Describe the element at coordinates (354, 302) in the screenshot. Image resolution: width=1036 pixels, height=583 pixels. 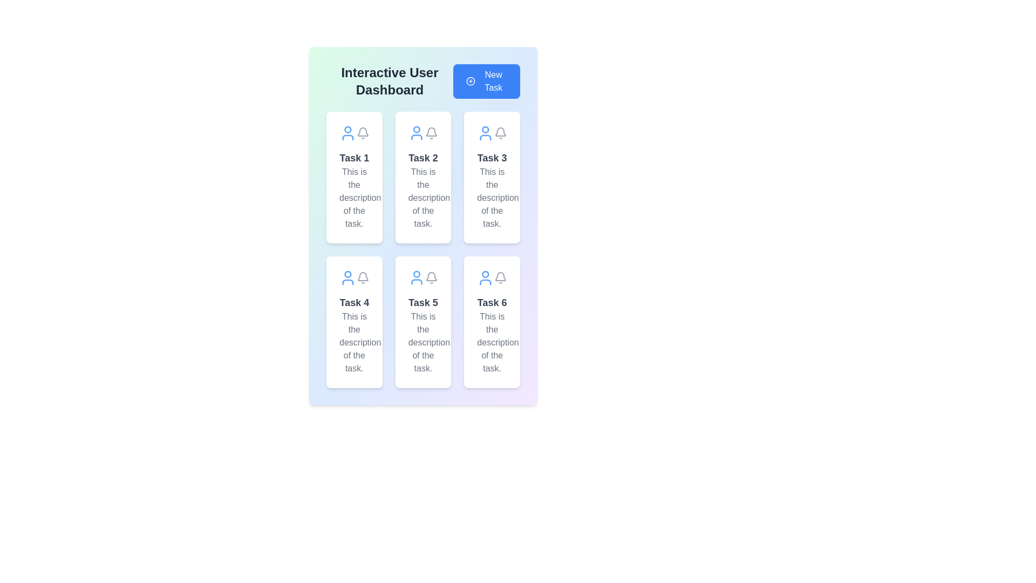
I see `the text element titled 'Task 4', which is styled with a bold gray font and is located within a card-like layout` at that location.